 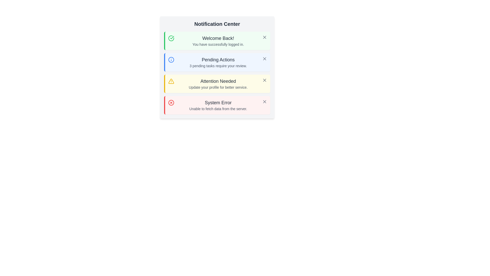 I want to click on the checkmark icon in the green notification box that indicates a successful status for the notification 'Welcome Back!', so click(x=171, y=38).